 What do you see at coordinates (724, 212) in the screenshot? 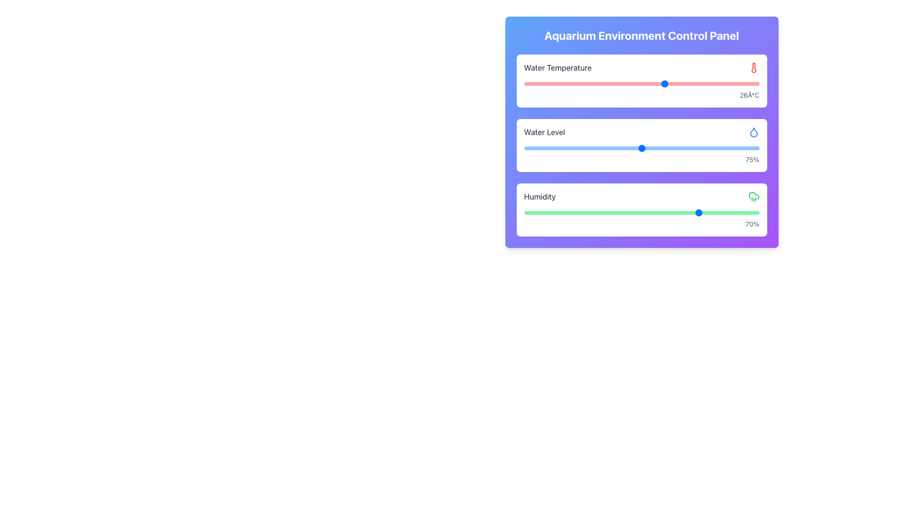
I see `the humidity` at bounding box center [724, 212].